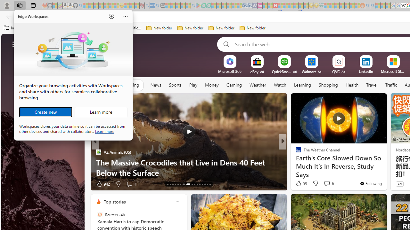  What do you see at coordinates (329, 184) in the screenshot?
I see `'View comments 2 Comment'` at bounding box center [329, 184].